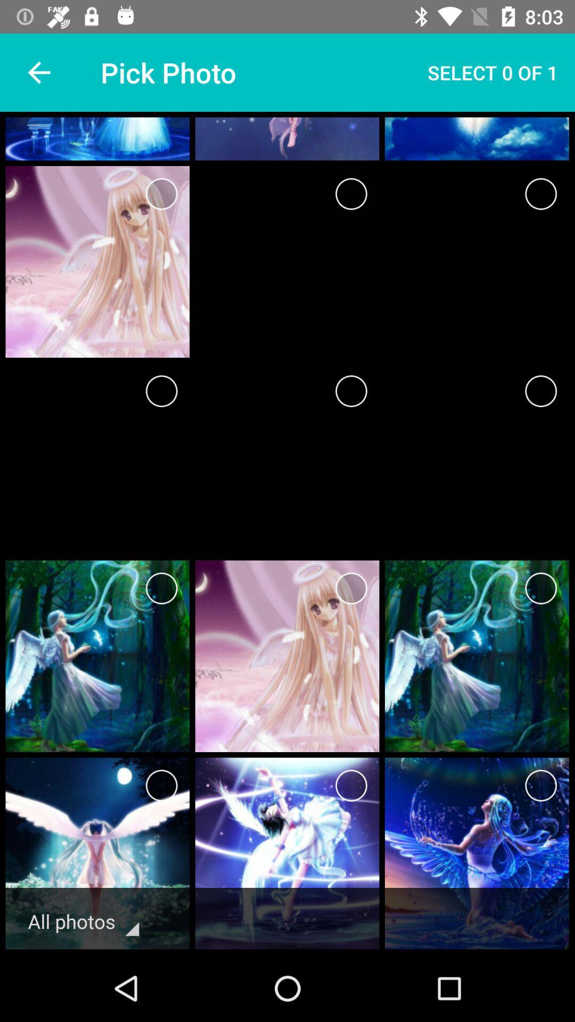 The image size is (575, 1022). What do you see at coordinates (541, 194) in the screenshot?
I see `option` at bounding box center [541, 194].